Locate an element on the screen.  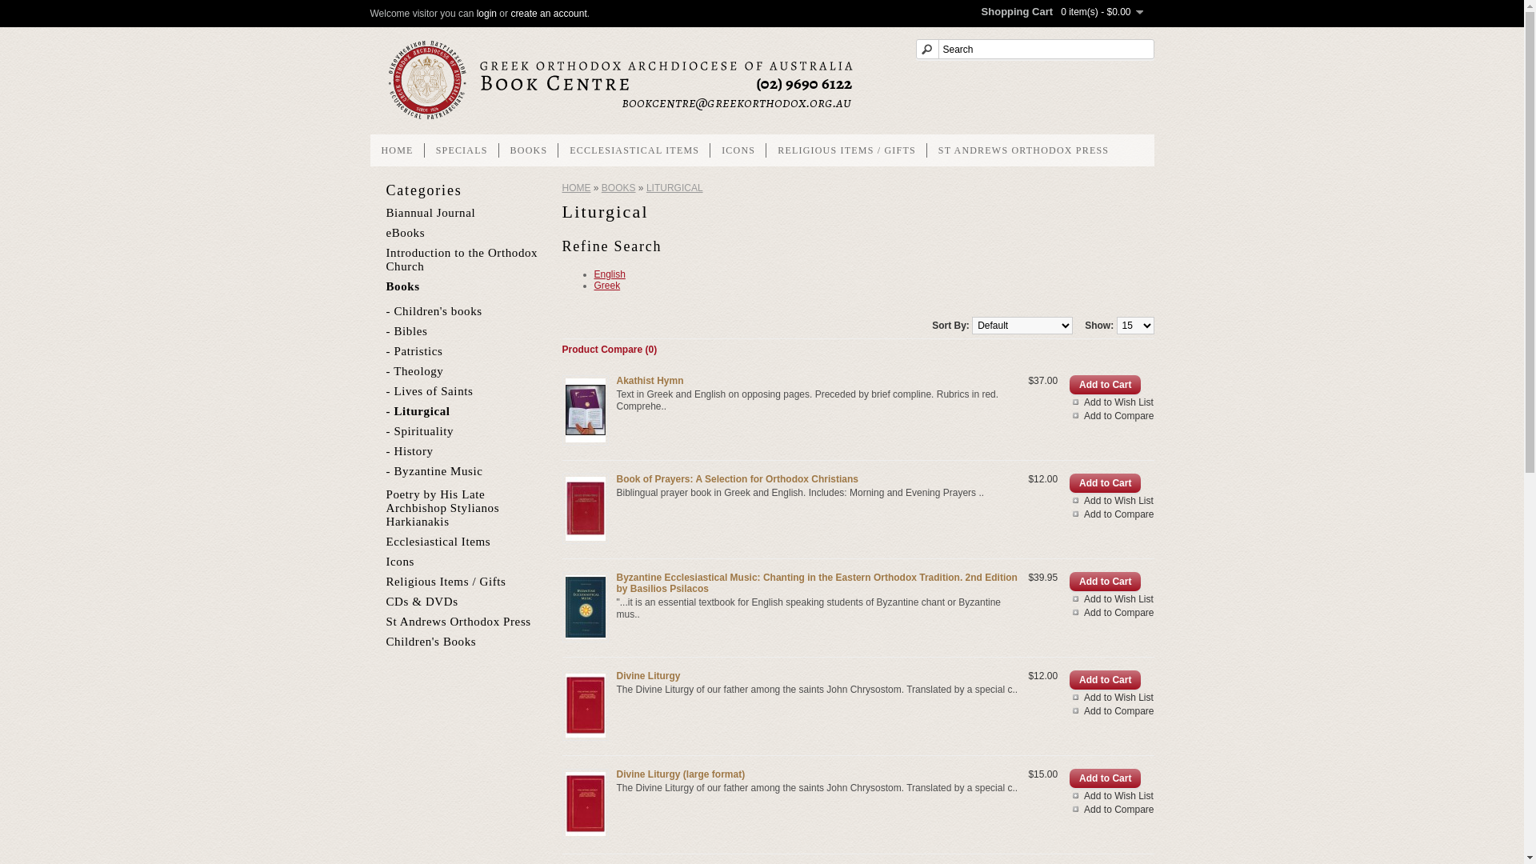
'- History' is located at coordinates (464, 451).